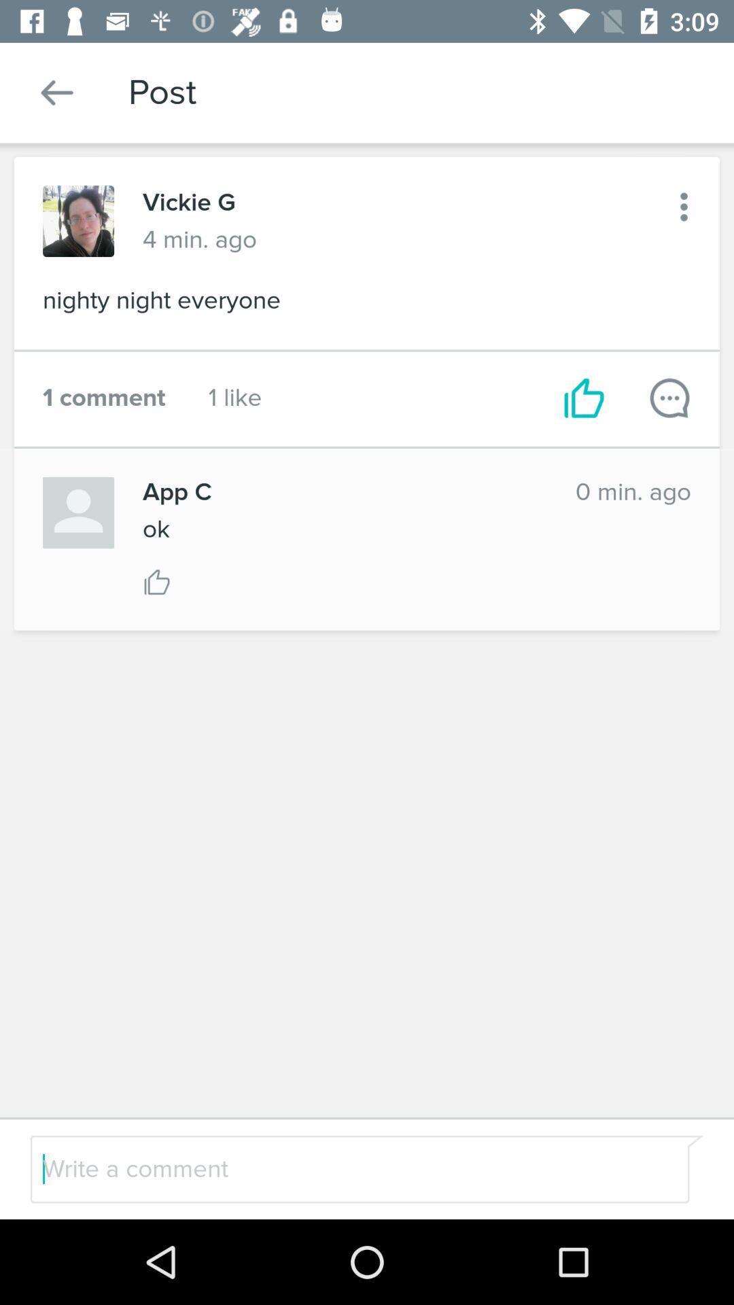 This screenshot has width=734, height=1305. I want to click on icon above ok item, so click(344, 491).